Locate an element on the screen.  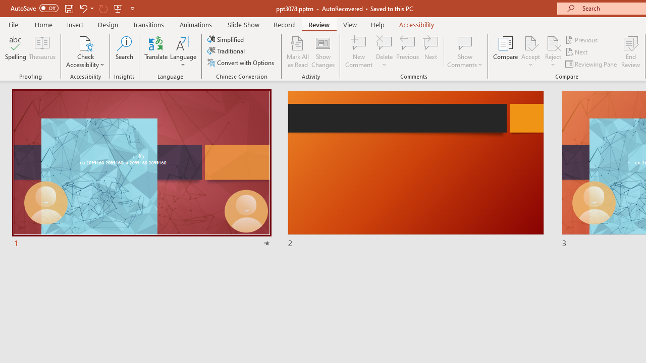
'Language' is located at coordinates (183, 52).